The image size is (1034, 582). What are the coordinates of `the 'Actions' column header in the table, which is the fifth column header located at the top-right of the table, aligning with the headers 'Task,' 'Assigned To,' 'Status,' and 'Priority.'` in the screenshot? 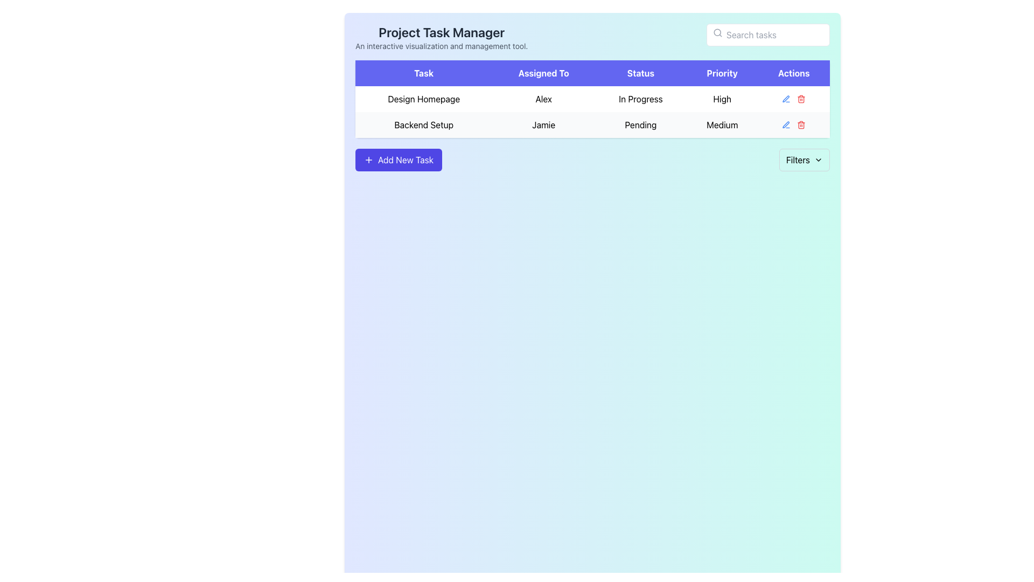 It's located at (794, 73).